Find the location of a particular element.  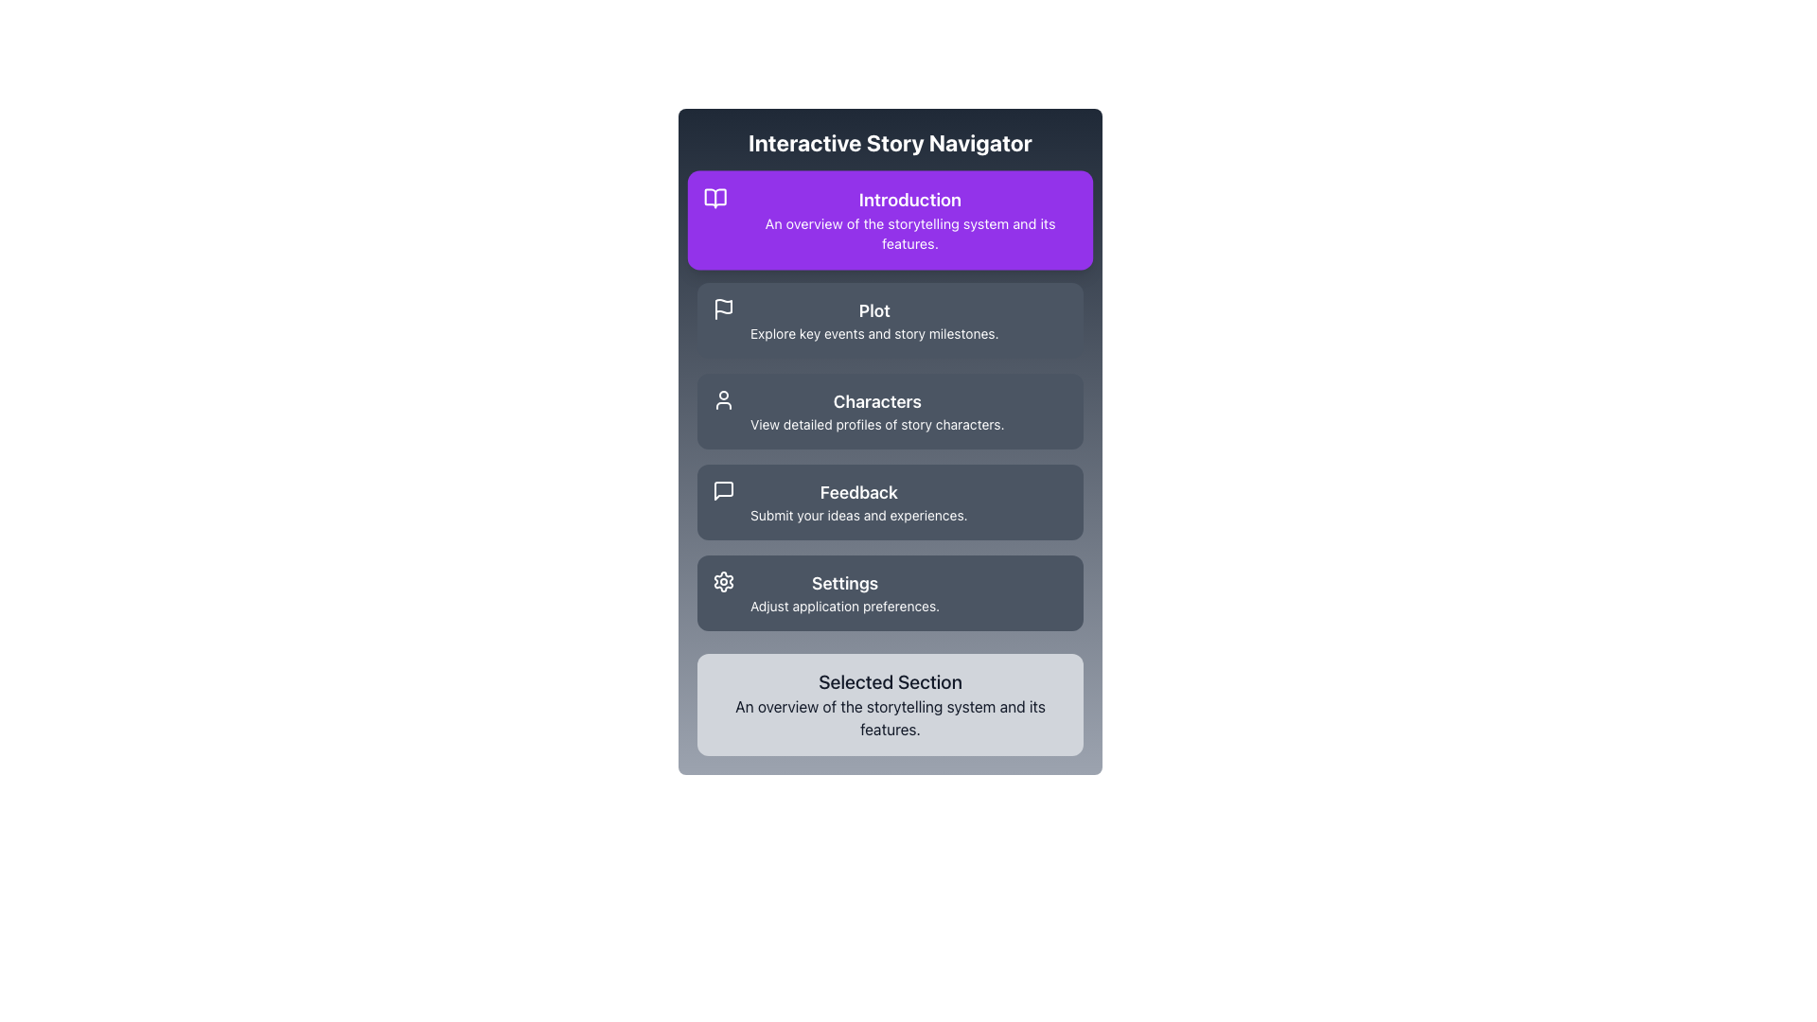

the user icon graphic, which is a minimalist line style icon located at the top-left corner of the 'Characters' menu option in the vertical navigation menu is located at coordinates (730, 411).